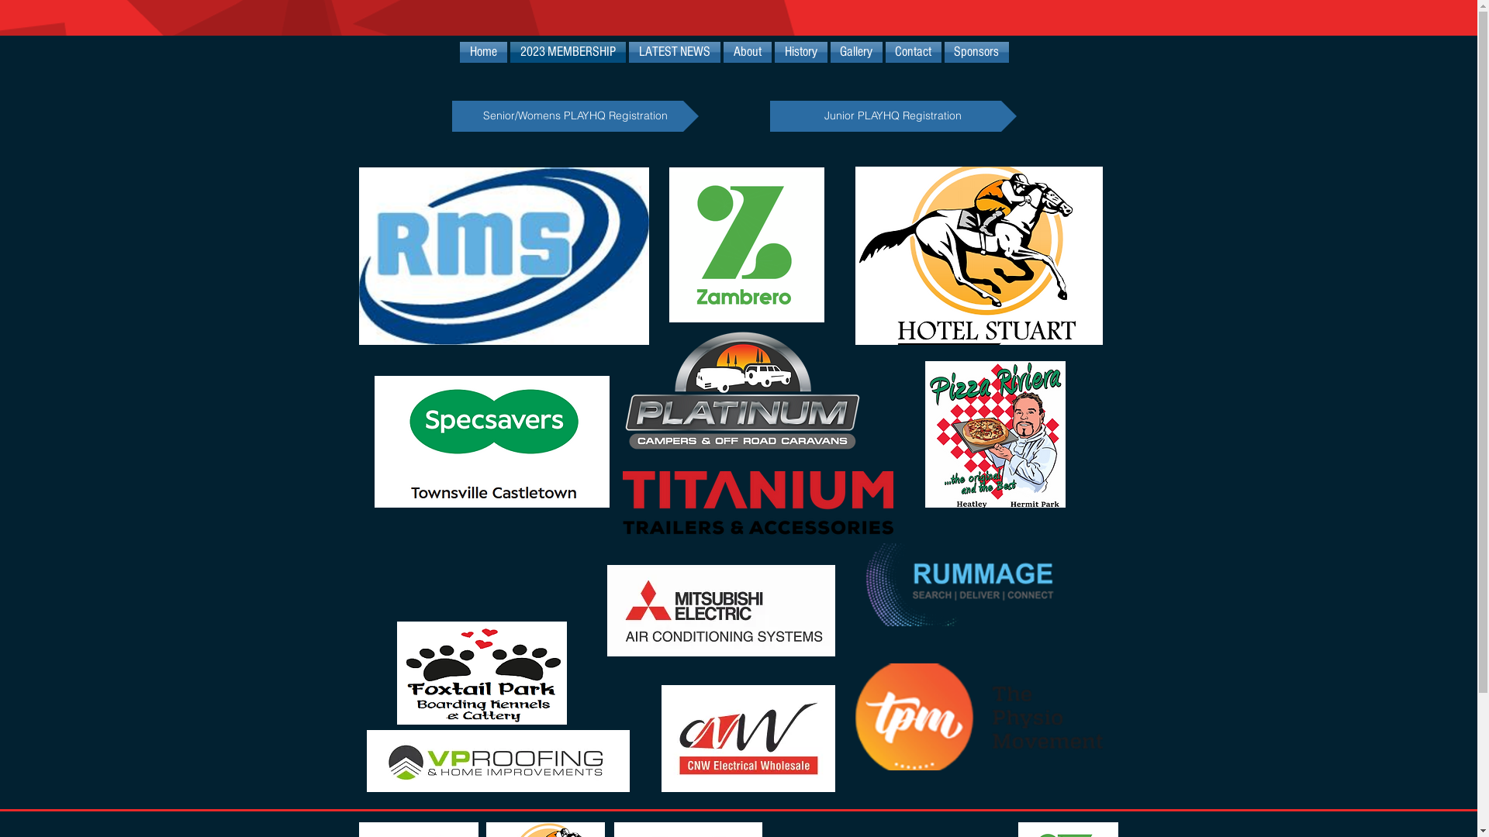 The width and height of the screenshot is (1489, 837). What do you see at coordinates (747, 51) in the screenshot?
I see `'About'` at bounding box center [747, 51].